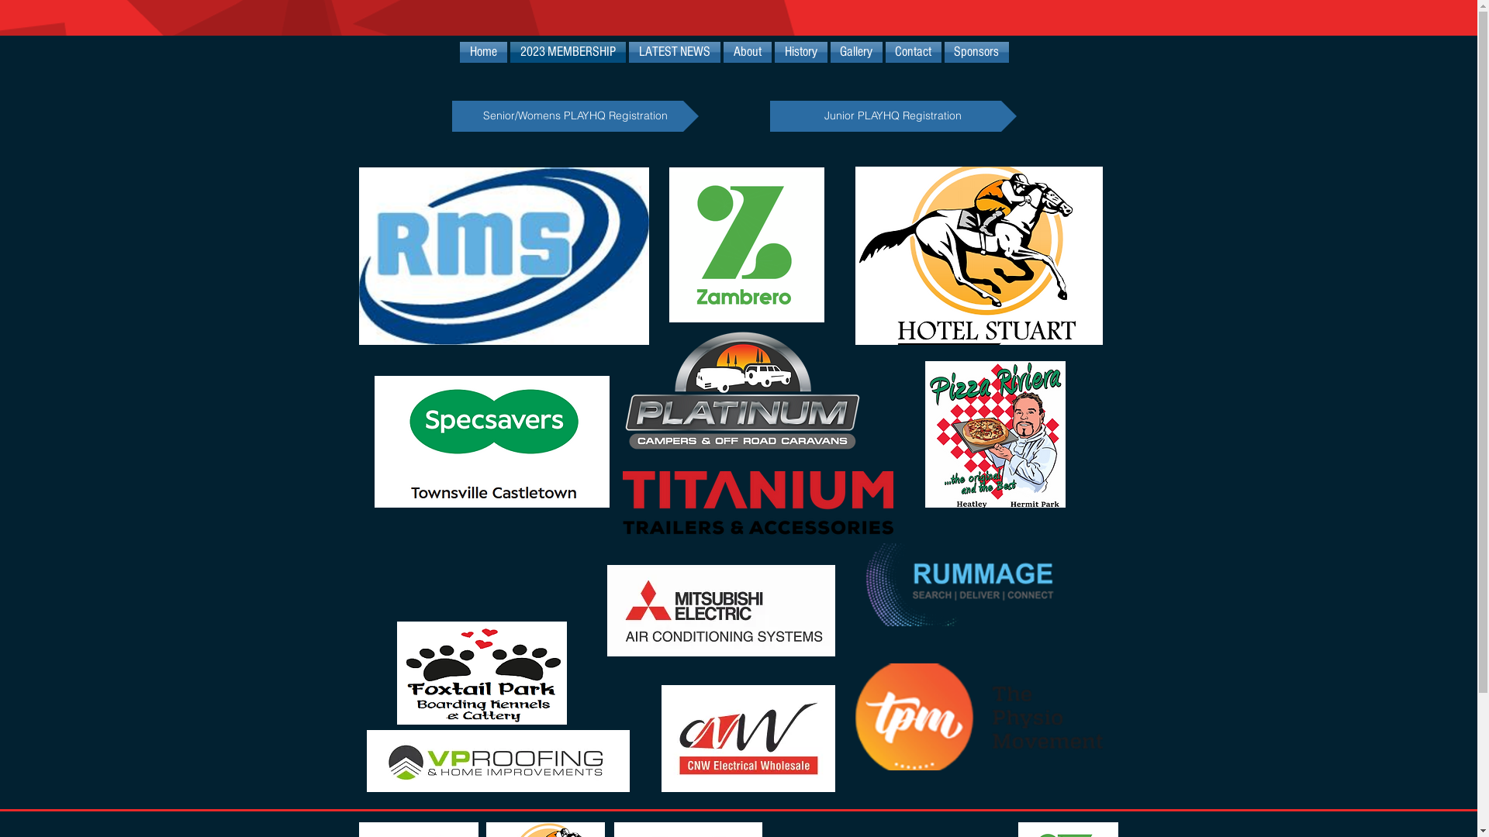 The width and height of the screenshot is (1489, 837). What do you see at coordinates (747, 51) in the screenshot?
I see `'About'` at bounding box center [747, 51].